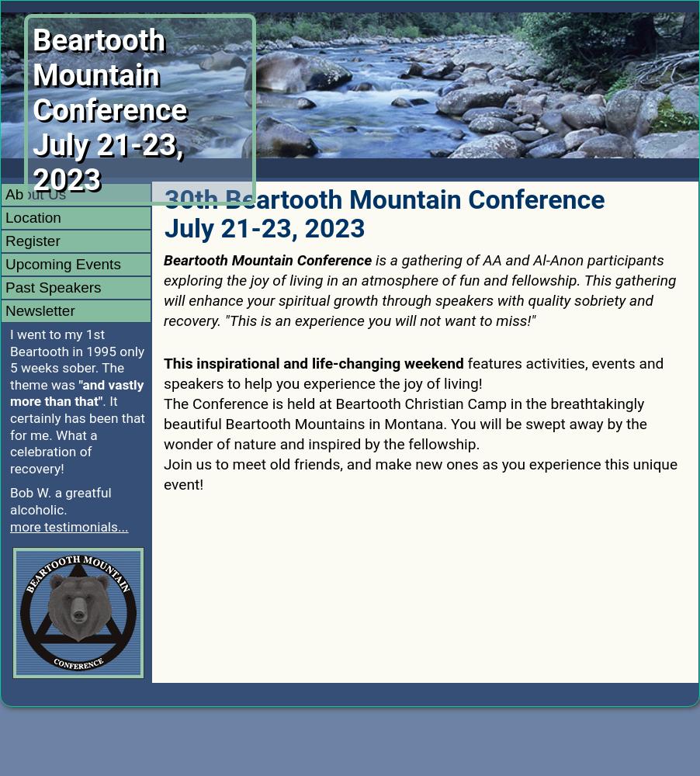 The width and height of the screenshot is (700, 776). I want to click on 'About Us', so click(35, 192).